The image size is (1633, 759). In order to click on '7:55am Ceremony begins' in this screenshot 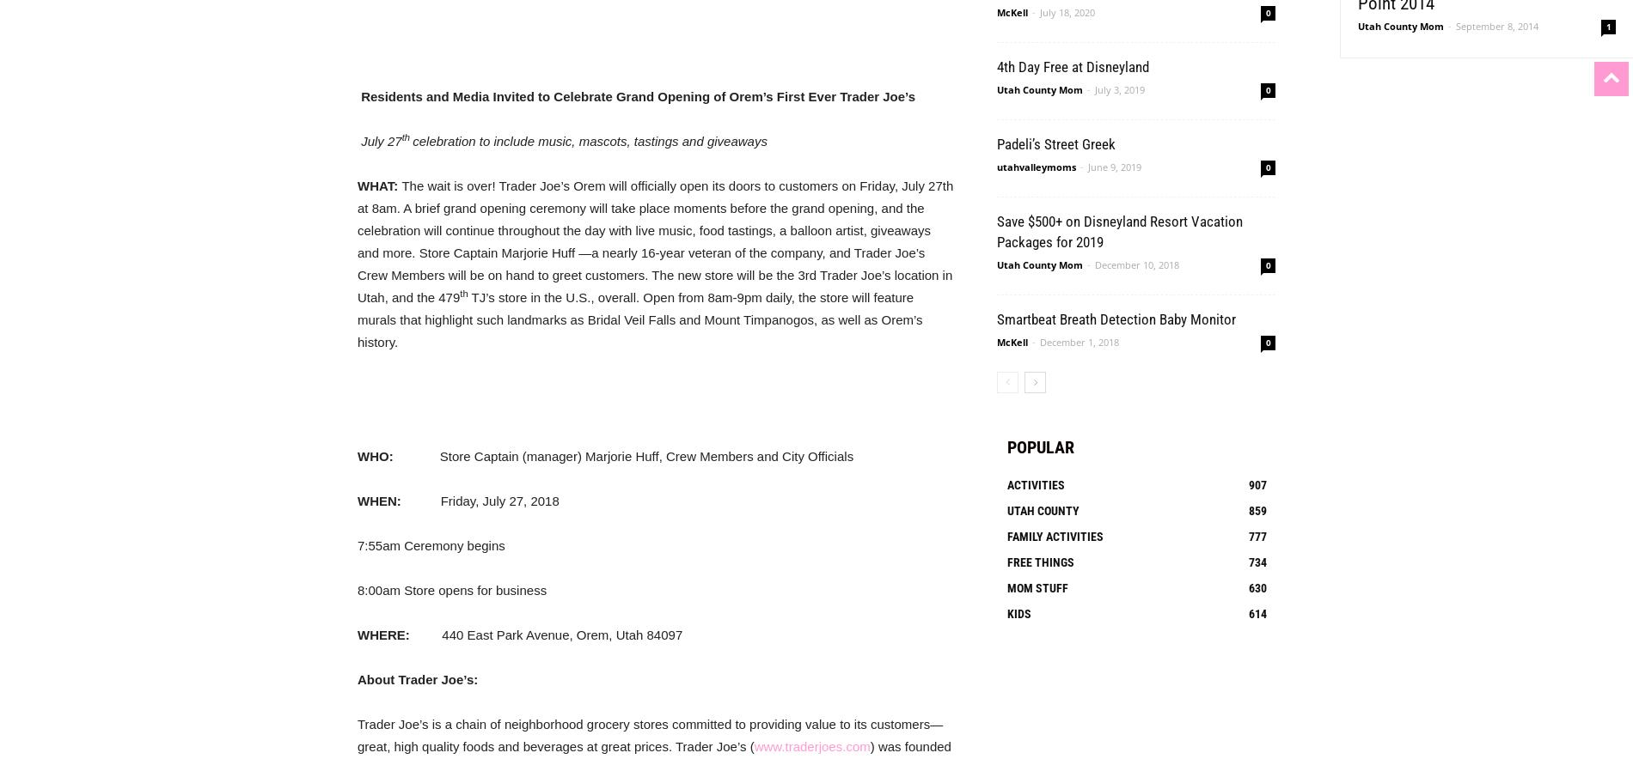, I will do `click(431, 544)`.